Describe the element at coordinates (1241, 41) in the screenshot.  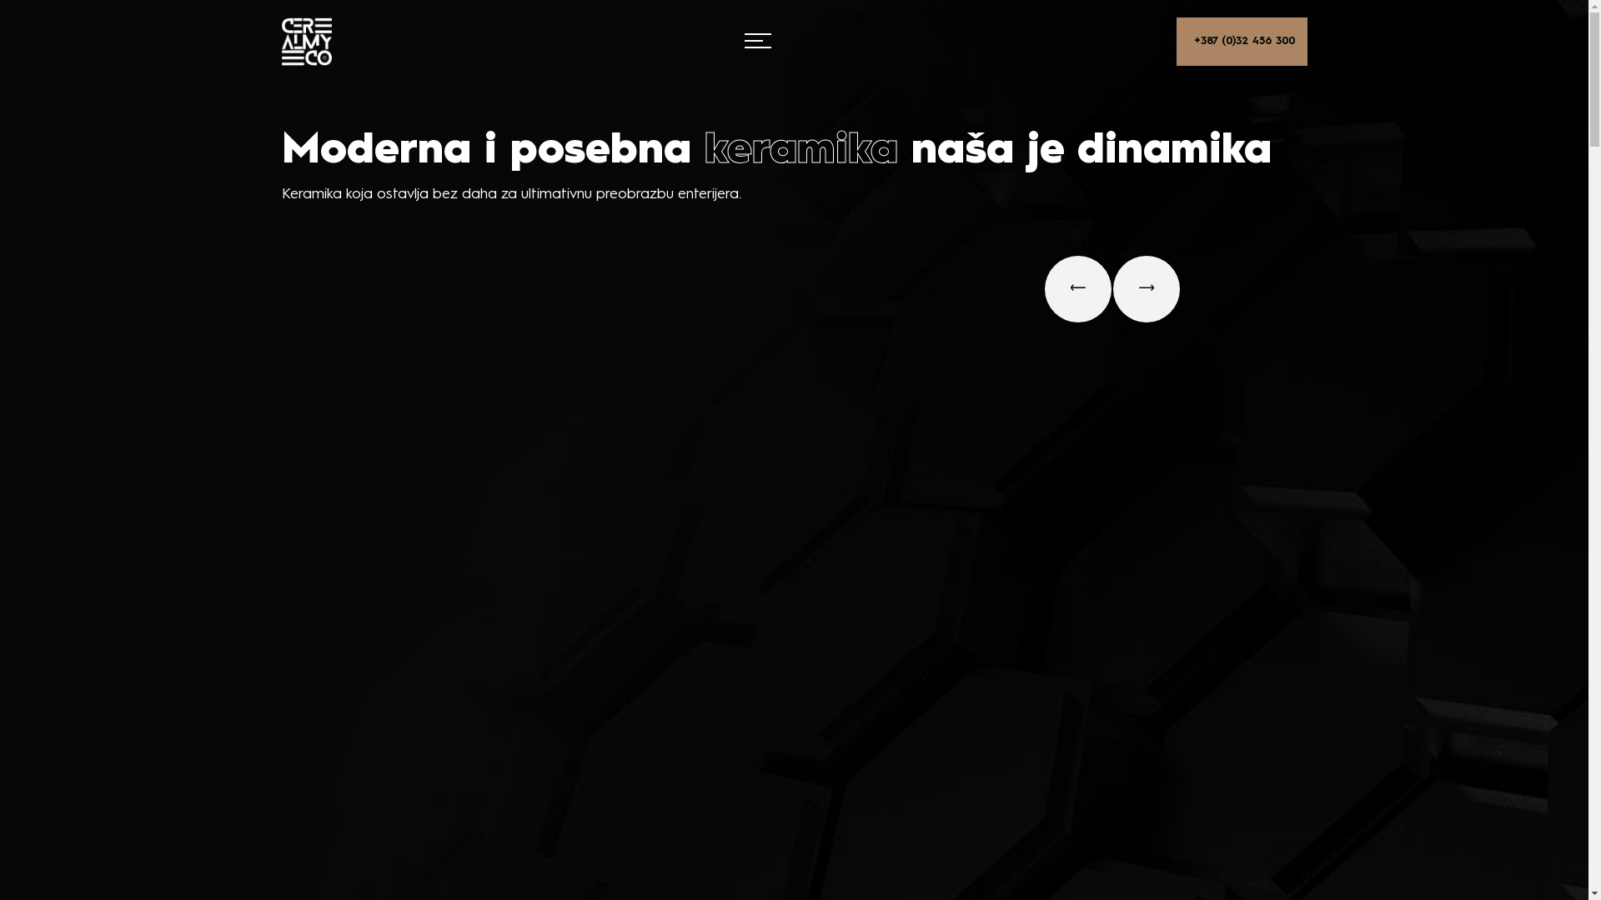
I see `'+387 (0)32 456 300'` at that location.